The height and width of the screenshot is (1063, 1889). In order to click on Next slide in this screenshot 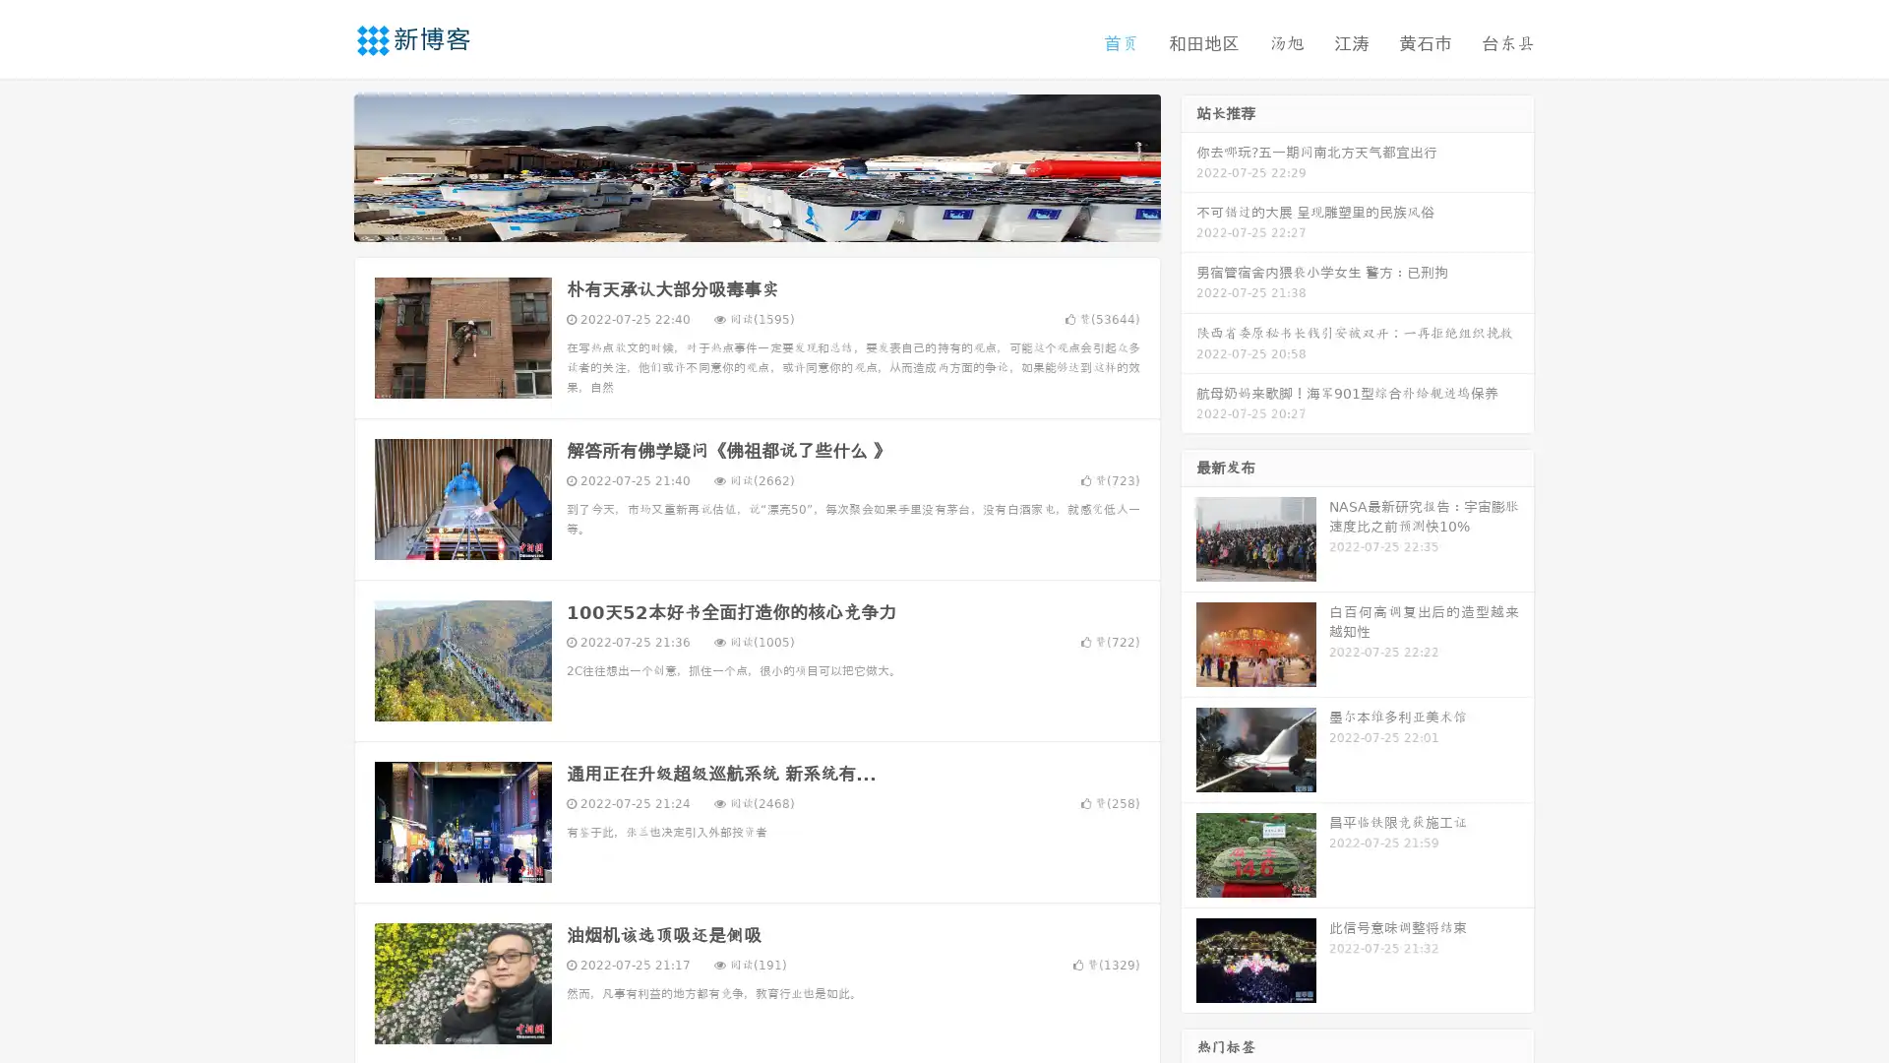, I will do `click(1188, 165)`.